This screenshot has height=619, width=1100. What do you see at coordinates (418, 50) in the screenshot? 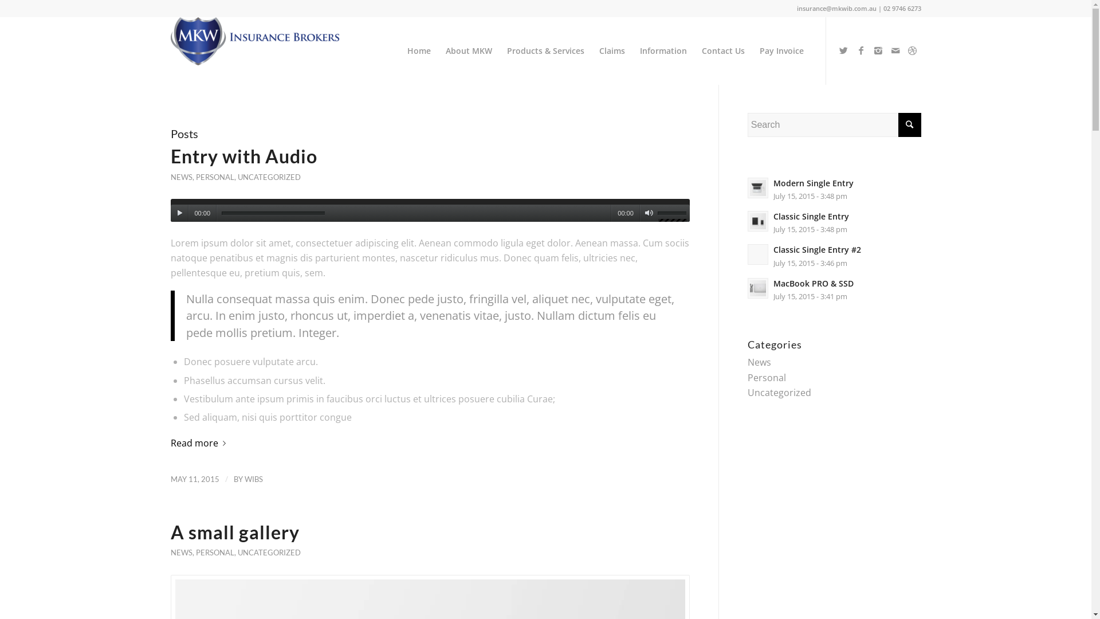
I see `'Home'` at bounding box center [418, 50].